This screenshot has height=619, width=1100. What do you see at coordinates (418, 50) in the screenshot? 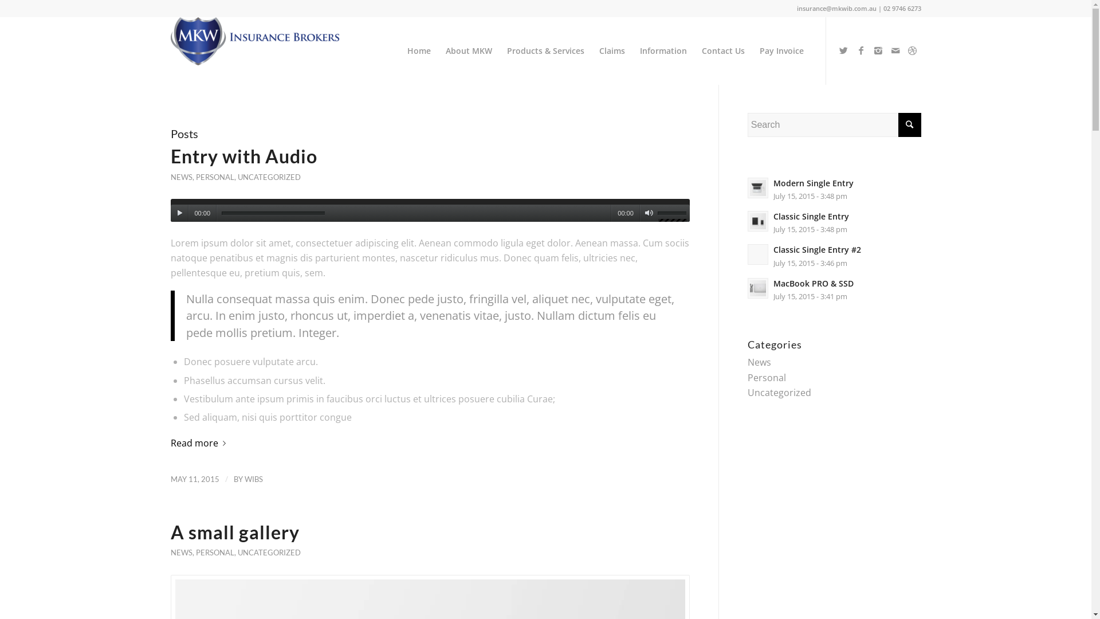
I see `'Home'` at bounding box center [418, 50].